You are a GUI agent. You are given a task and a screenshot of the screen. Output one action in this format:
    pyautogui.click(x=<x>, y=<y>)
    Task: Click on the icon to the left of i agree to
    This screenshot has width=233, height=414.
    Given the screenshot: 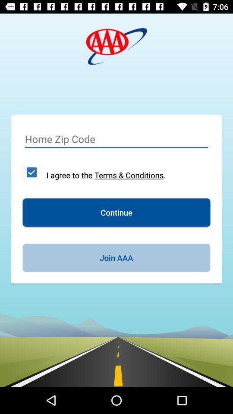 What is the action you would take?
    pyautogui.click(x=31, y=172)
    